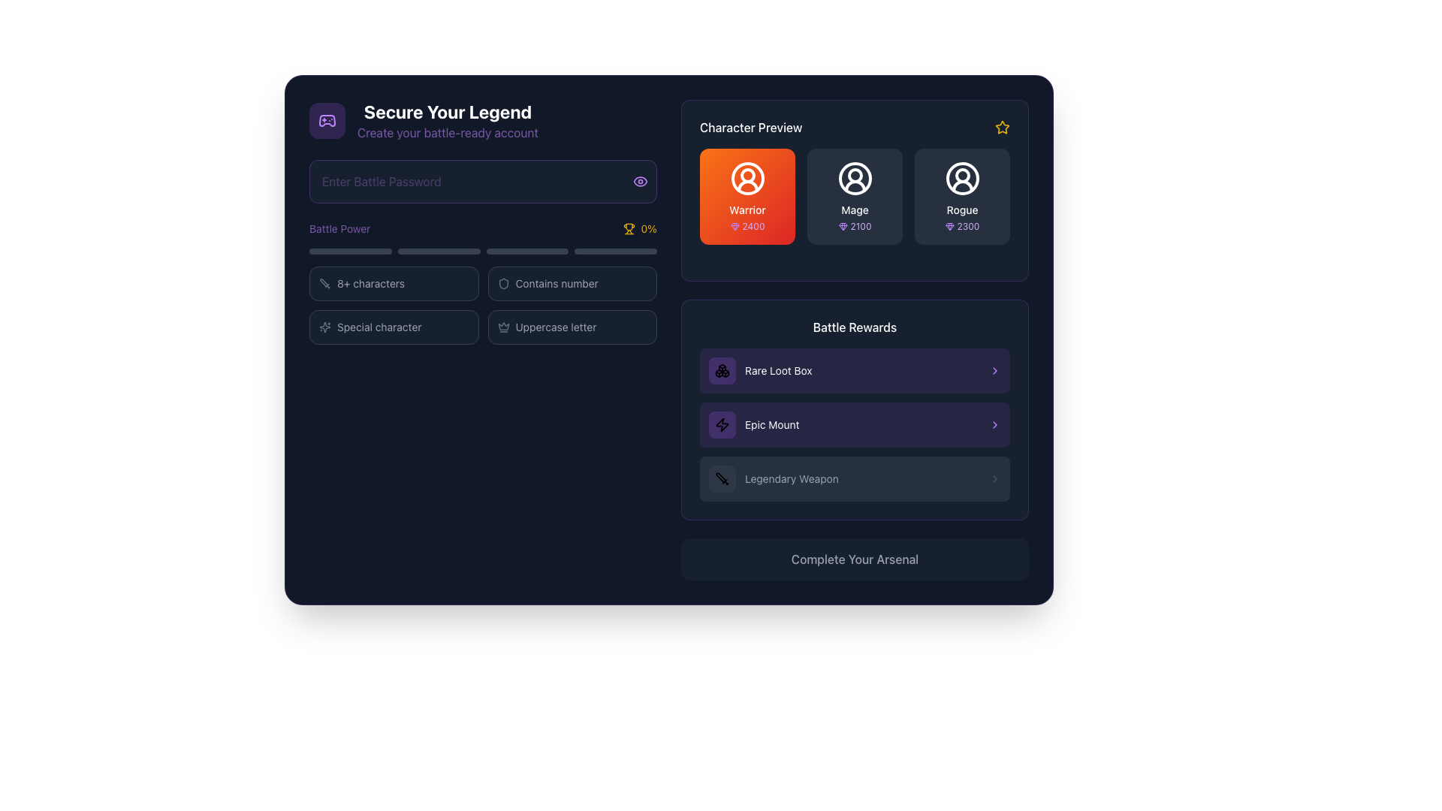 Image resolution: width=1442 pixels, height=811 pixels. I want to click on the '8+ characters' indicator element in the password requirements section, which features light gray text on a dark rounded rectangular background, so click(394, 284).